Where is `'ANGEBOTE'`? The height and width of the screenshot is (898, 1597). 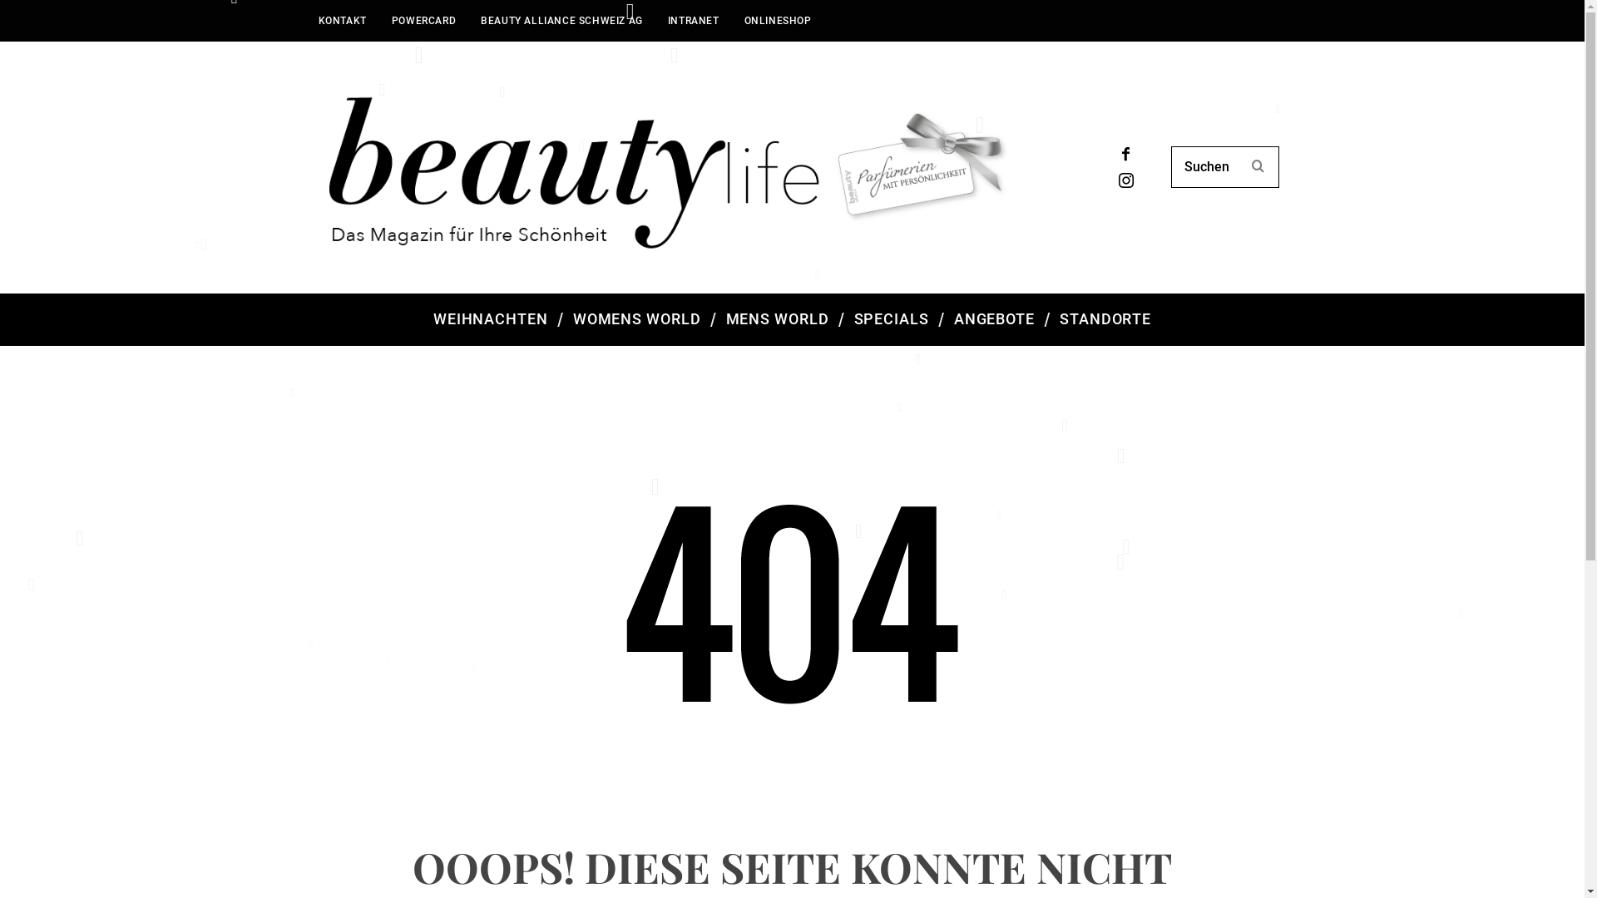 'ANGEBOTE' is located at coordinates (994, 319).